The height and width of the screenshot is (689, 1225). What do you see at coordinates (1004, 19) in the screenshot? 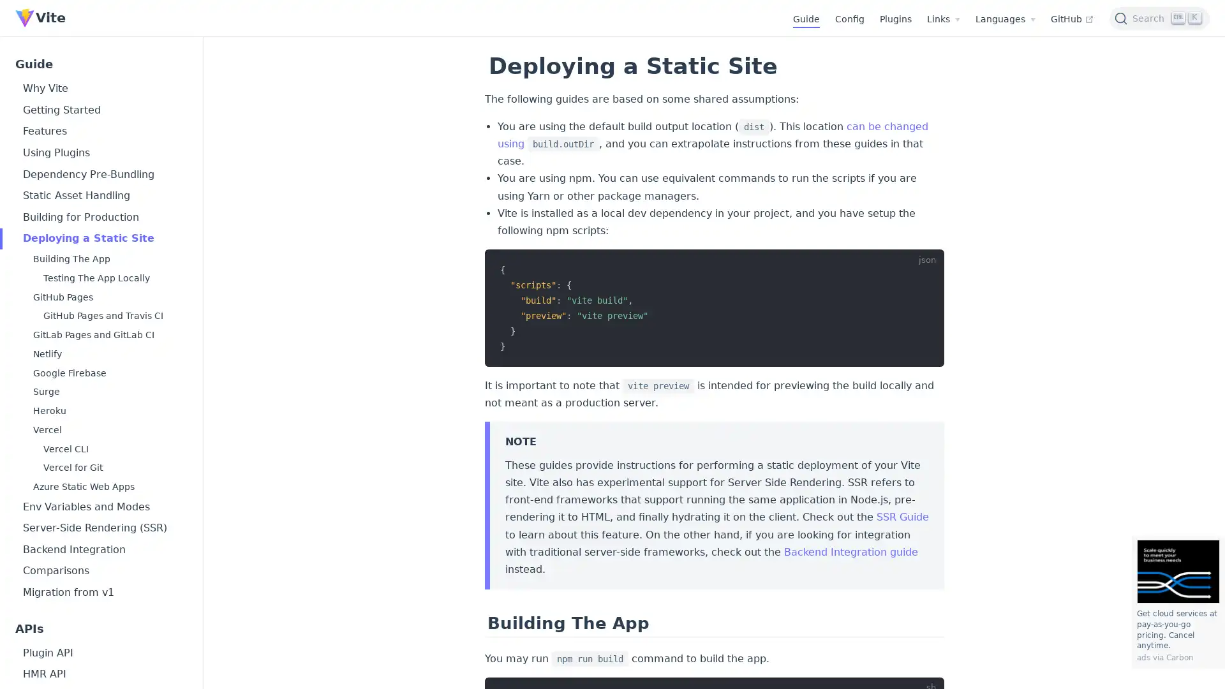
I see `Languages` at bounding box center [1004, 19].